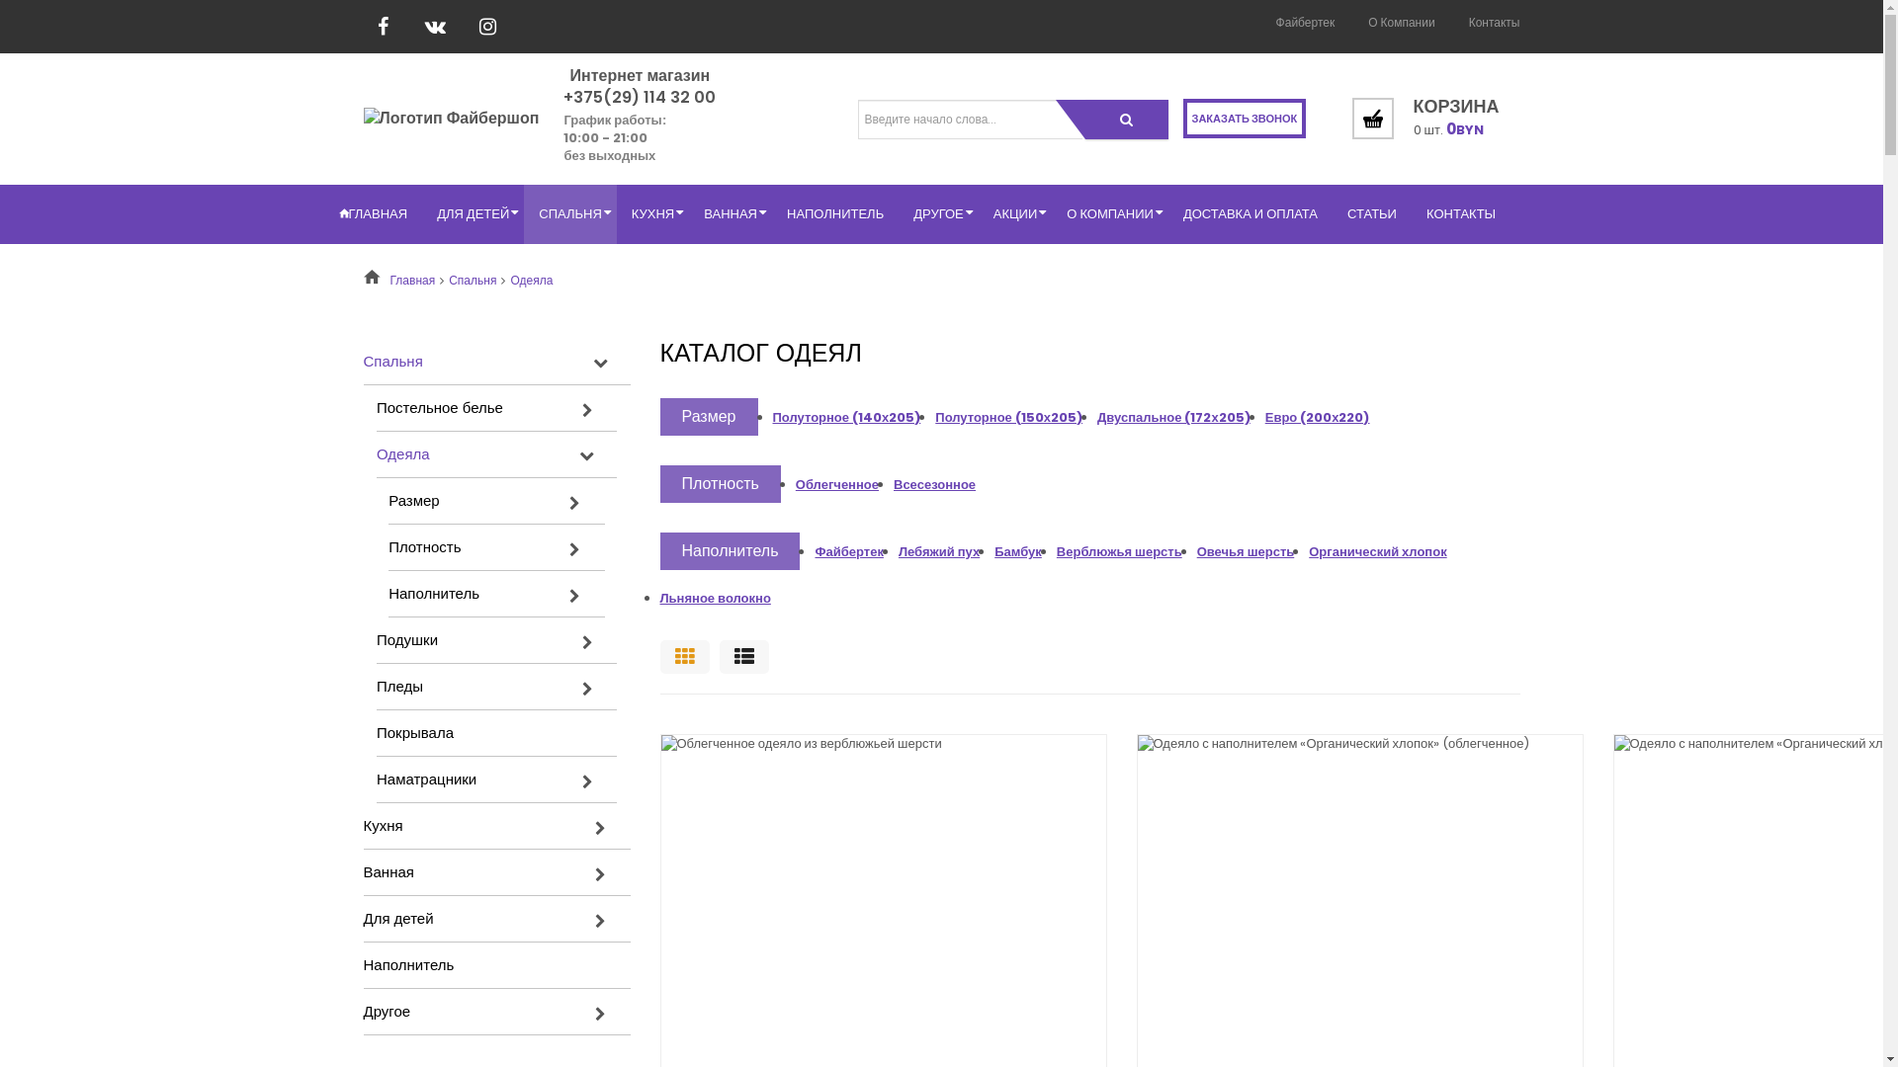  Describe the element at coordinates (468, 27) in the screenshot. I see `'Instagram'` at that location.